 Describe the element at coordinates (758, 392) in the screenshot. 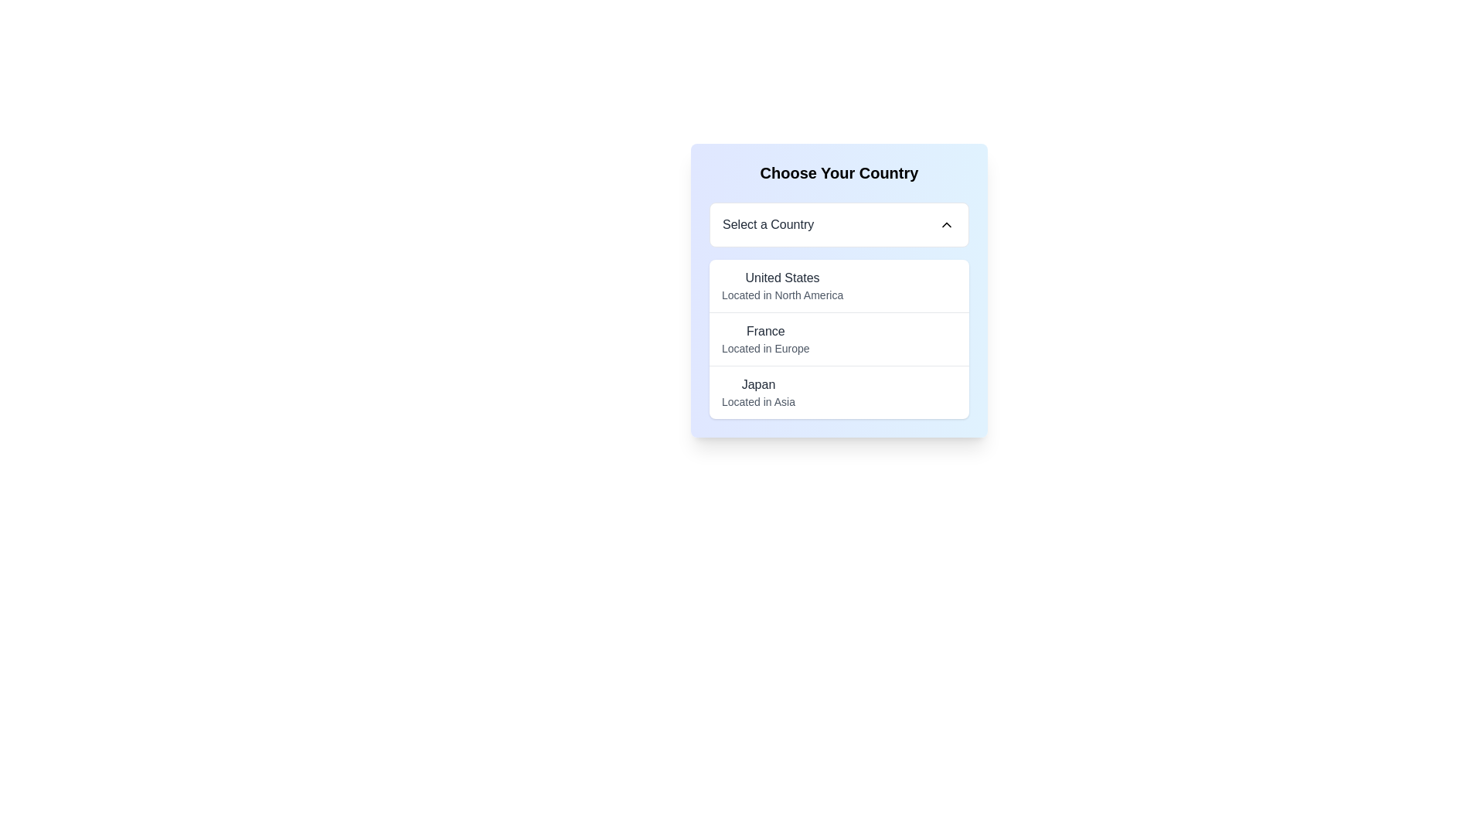

I see `the third list item labeled 'Japan' in the dropdown menu` at that location.